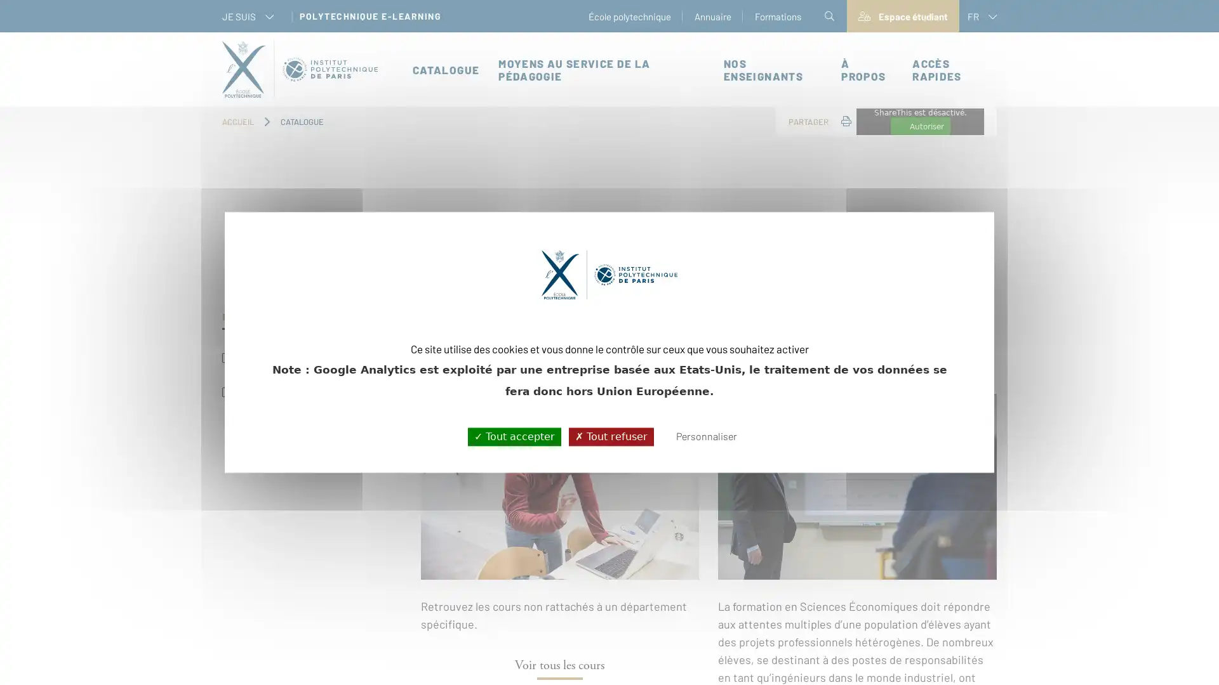 The image size is (1219, 685). What do you see at coordinates (514, 436) in the screenshot?
I see `Tout accepter` at bounding box center [514, 436].